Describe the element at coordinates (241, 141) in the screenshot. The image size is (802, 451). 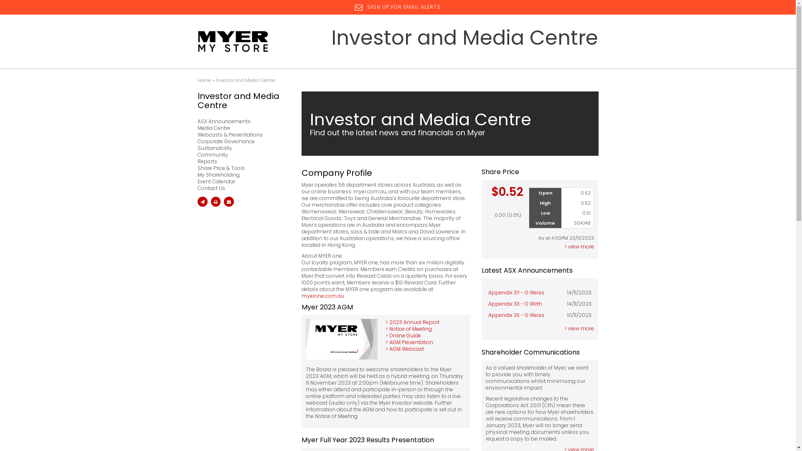
I see `'Corporate Governance'` at that location.